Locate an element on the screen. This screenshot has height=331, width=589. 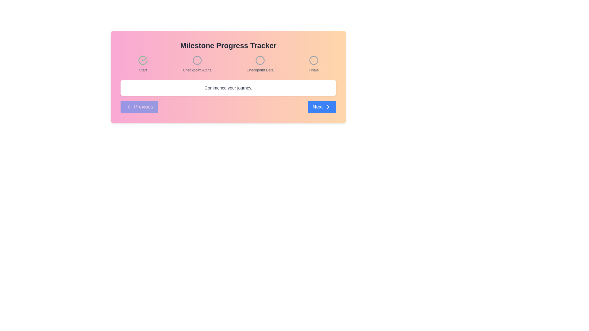
the fourth circular icon with a gray border and transparent center in the milestone tracker interface is located at coordinates (314, 60).